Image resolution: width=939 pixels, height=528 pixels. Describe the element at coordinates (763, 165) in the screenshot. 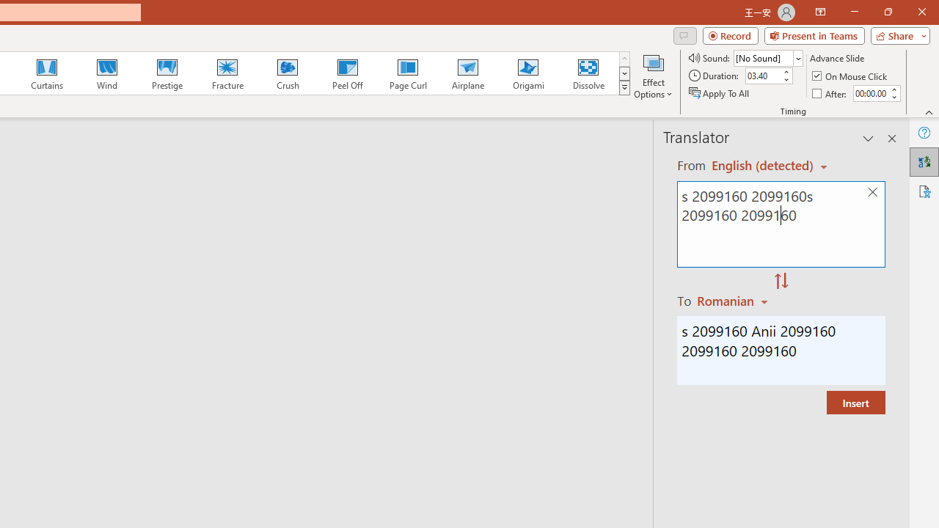

I see `'Czech (detected)'` at that location.